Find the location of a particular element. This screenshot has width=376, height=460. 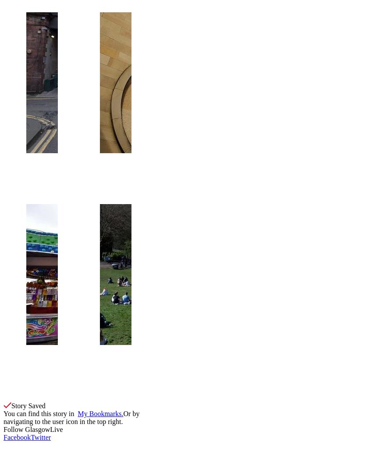

'You can find this story in' is located at coordinates (40, 413).